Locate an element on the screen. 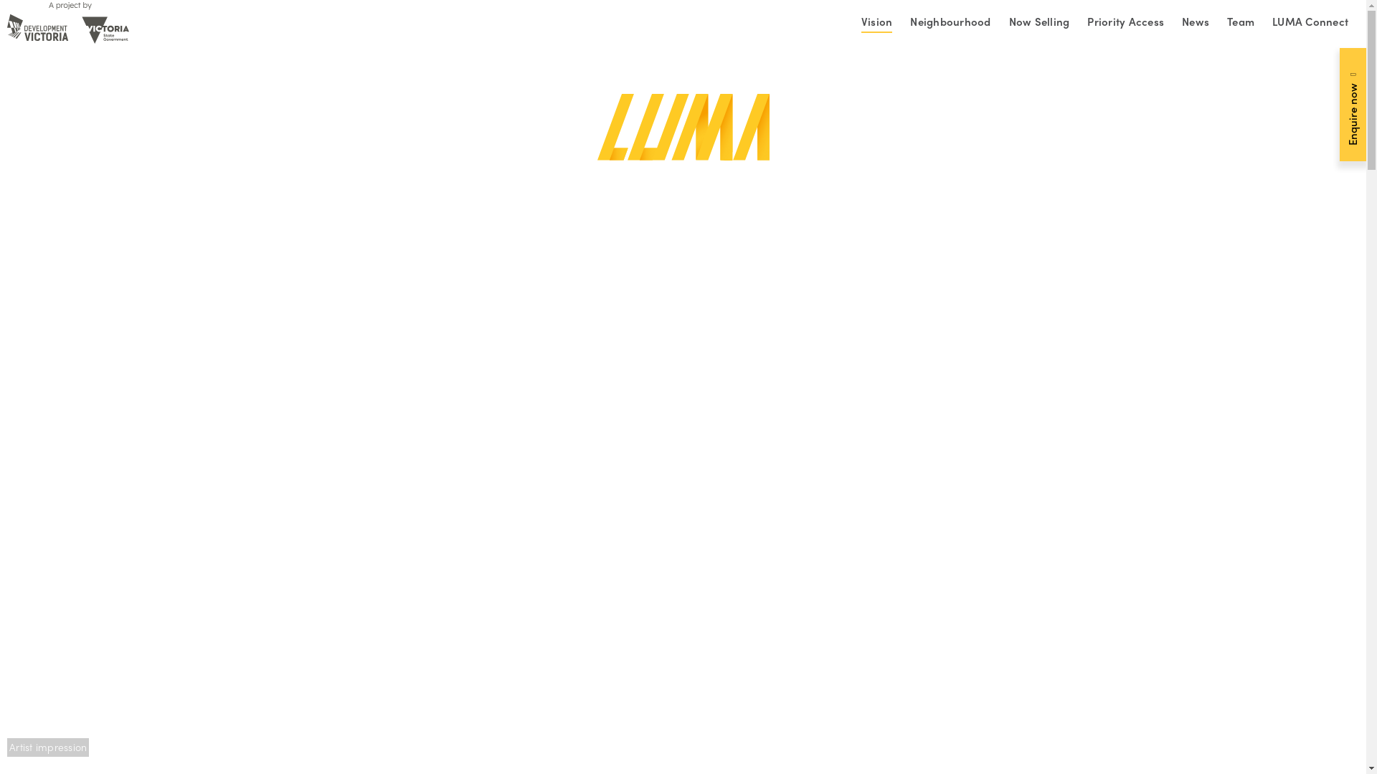 This screenshot has height=774, width=1377. 'Team' is located at coordinates (1239, 24).